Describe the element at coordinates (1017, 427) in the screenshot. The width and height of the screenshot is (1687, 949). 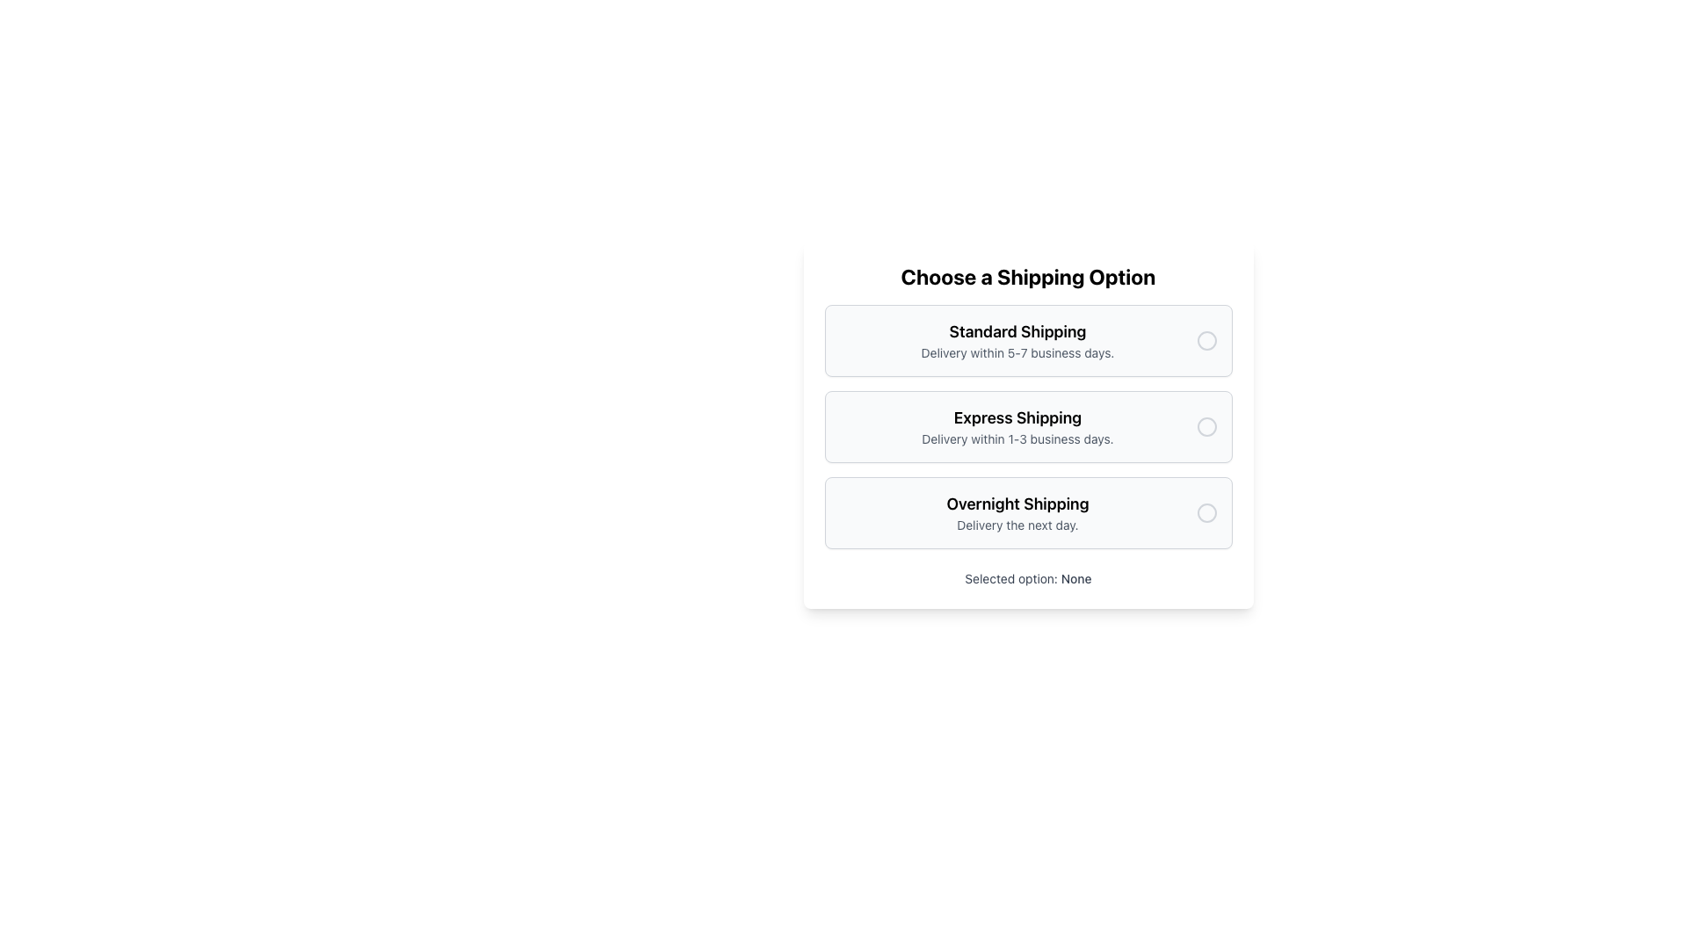
I see `the 'Express Shipping' text label, which features bold text stating 'Express Shipping' and a smaller grayed out line below it that reads 'Delivery within 1-3 business days.' This label is the middle option in a stack of three shipping choices` at that location.